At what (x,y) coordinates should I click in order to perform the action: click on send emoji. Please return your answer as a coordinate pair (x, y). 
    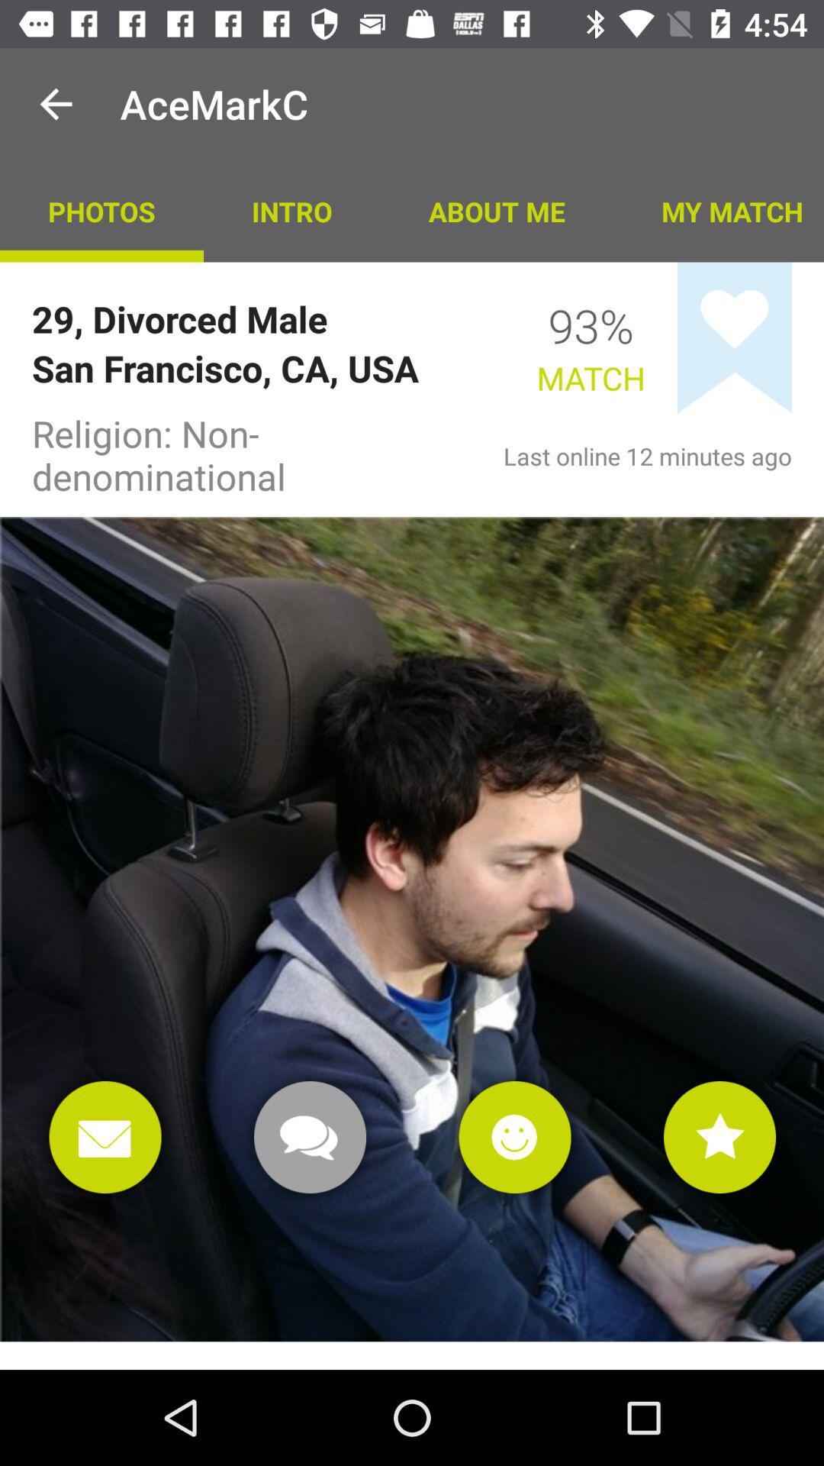
    Looking at the image, I should click on (515, 1137).